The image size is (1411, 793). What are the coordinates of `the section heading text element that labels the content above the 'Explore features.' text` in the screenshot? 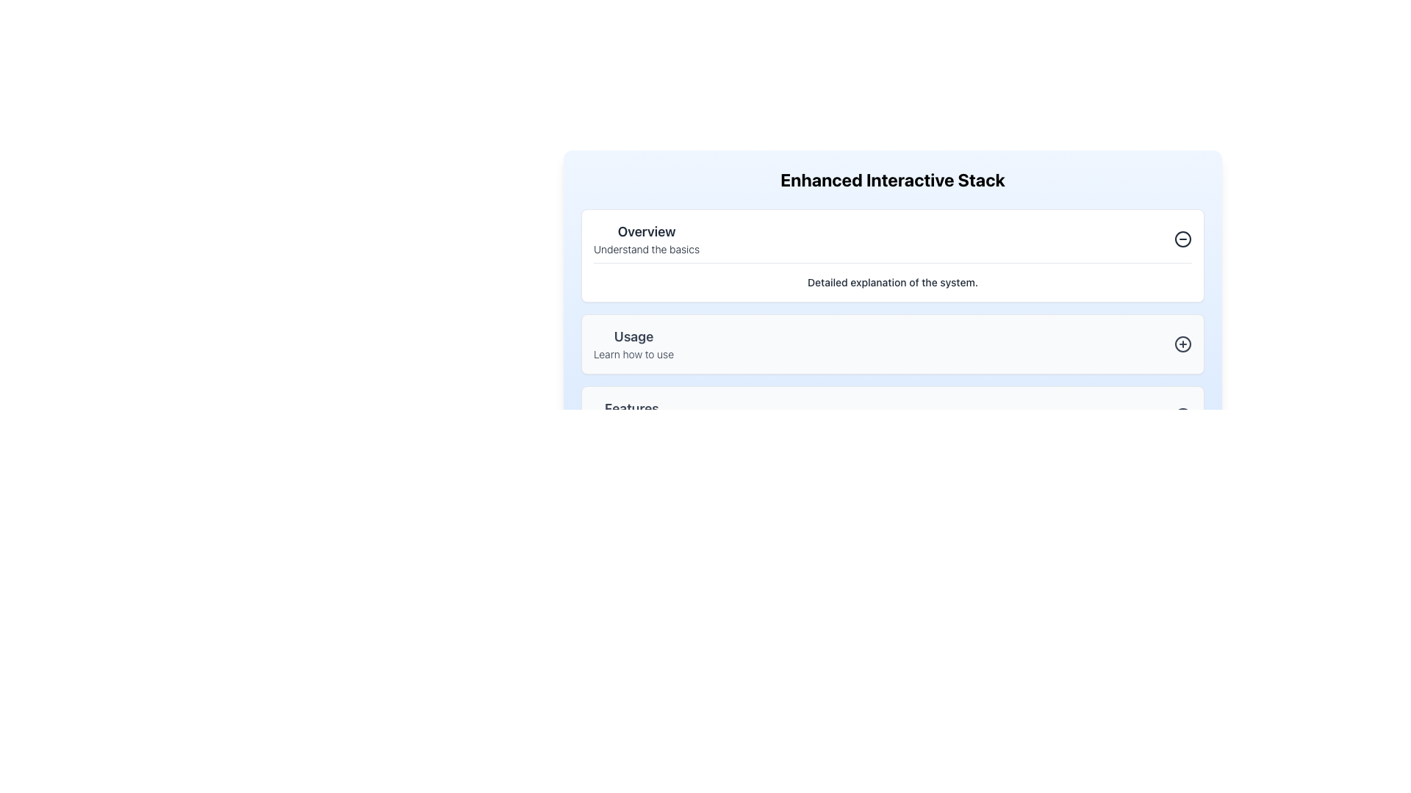 It's located at (631, 408).